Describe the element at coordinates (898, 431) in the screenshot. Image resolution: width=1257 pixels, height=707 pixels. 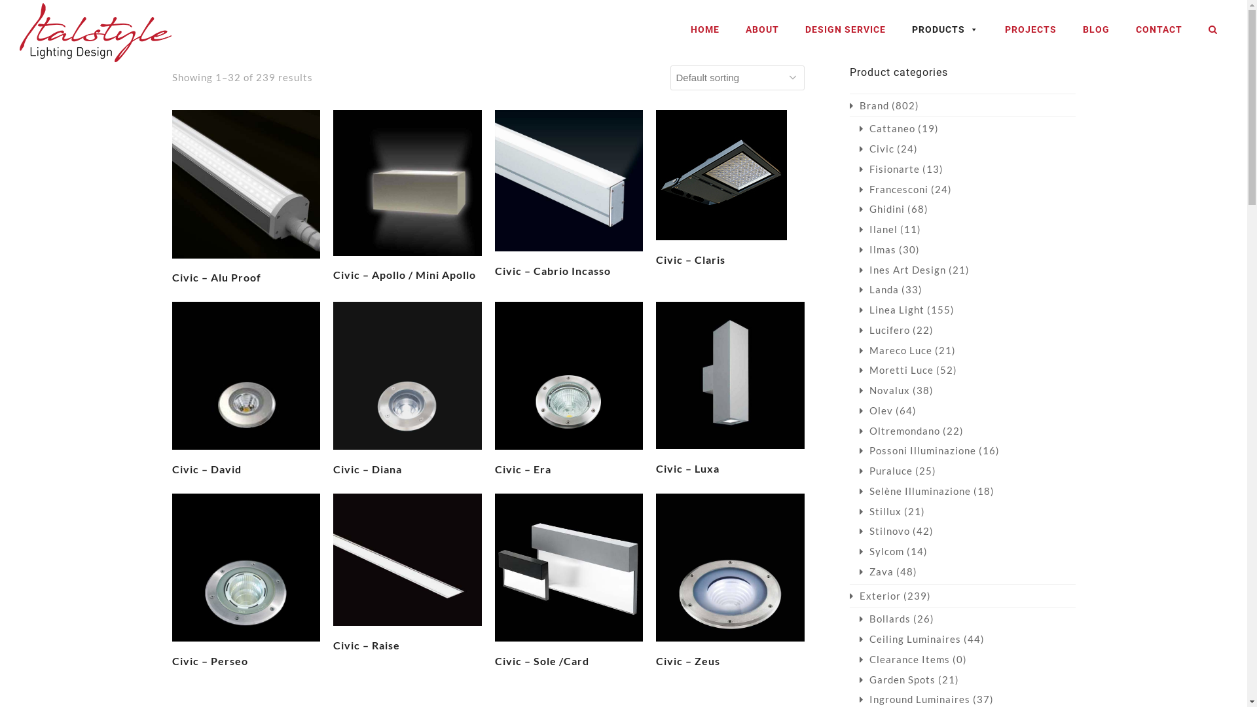
I see `'Oltremondano'` at that location.